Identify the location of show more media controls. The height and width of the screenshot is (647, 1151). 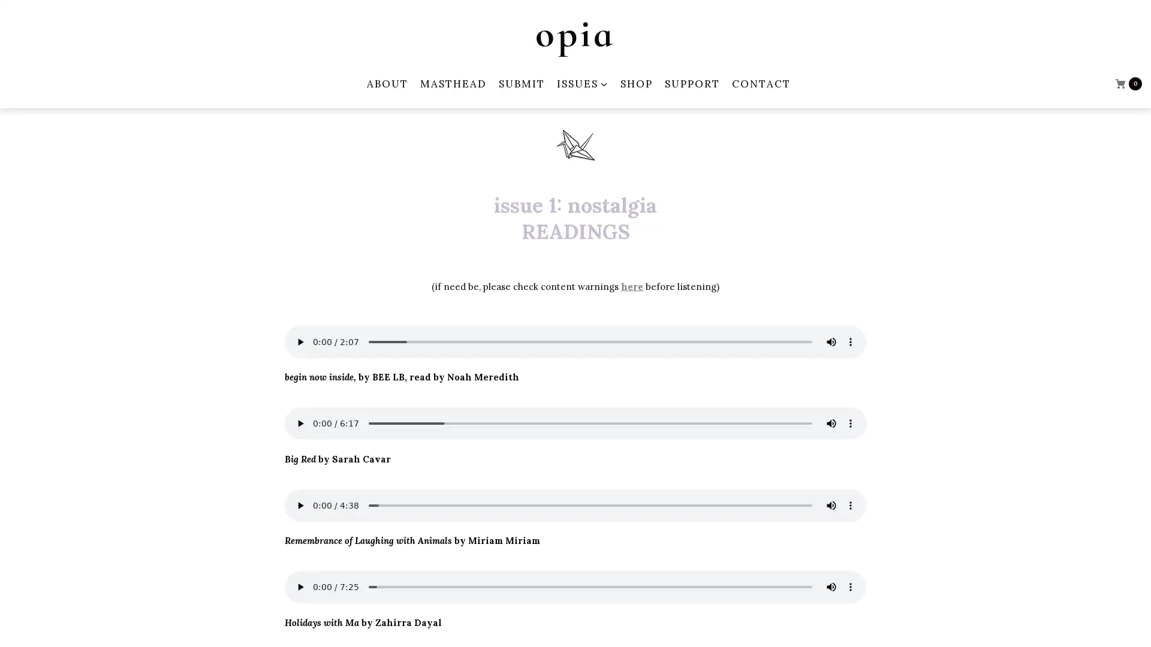
(850, 422).